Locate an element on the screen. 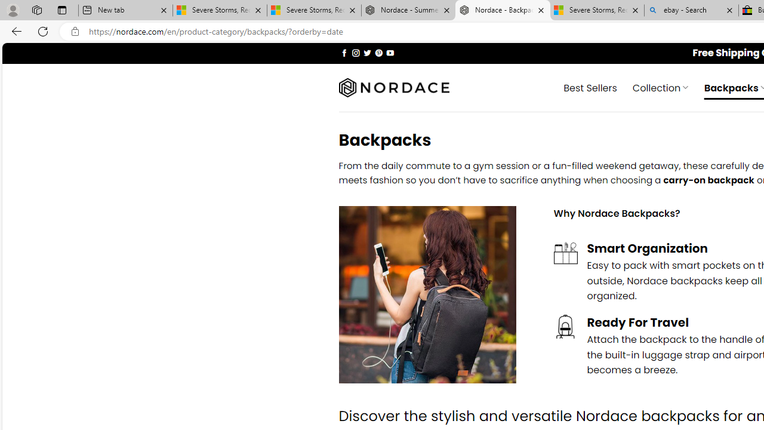  'Follow on Pinterest' is located at coordinates (378, 52).